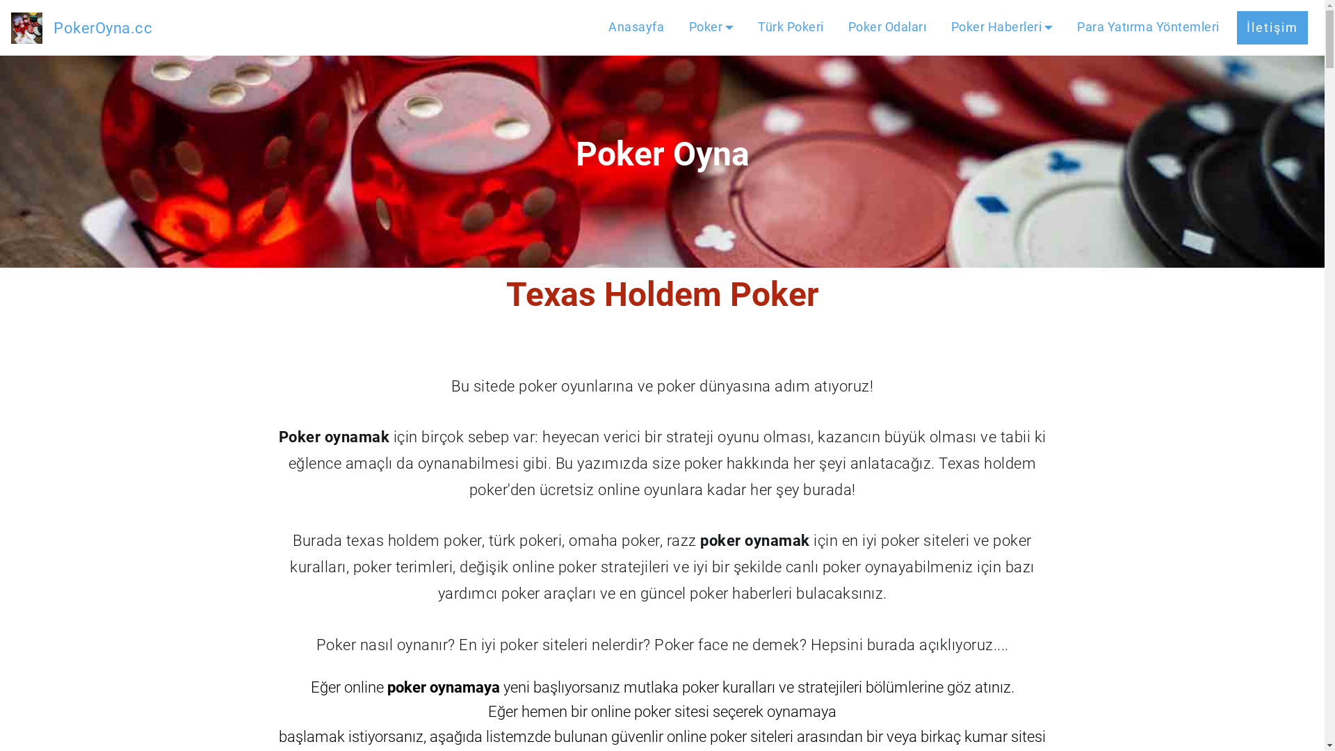  I want to click on 'Anasayfa', so click(636, 27).